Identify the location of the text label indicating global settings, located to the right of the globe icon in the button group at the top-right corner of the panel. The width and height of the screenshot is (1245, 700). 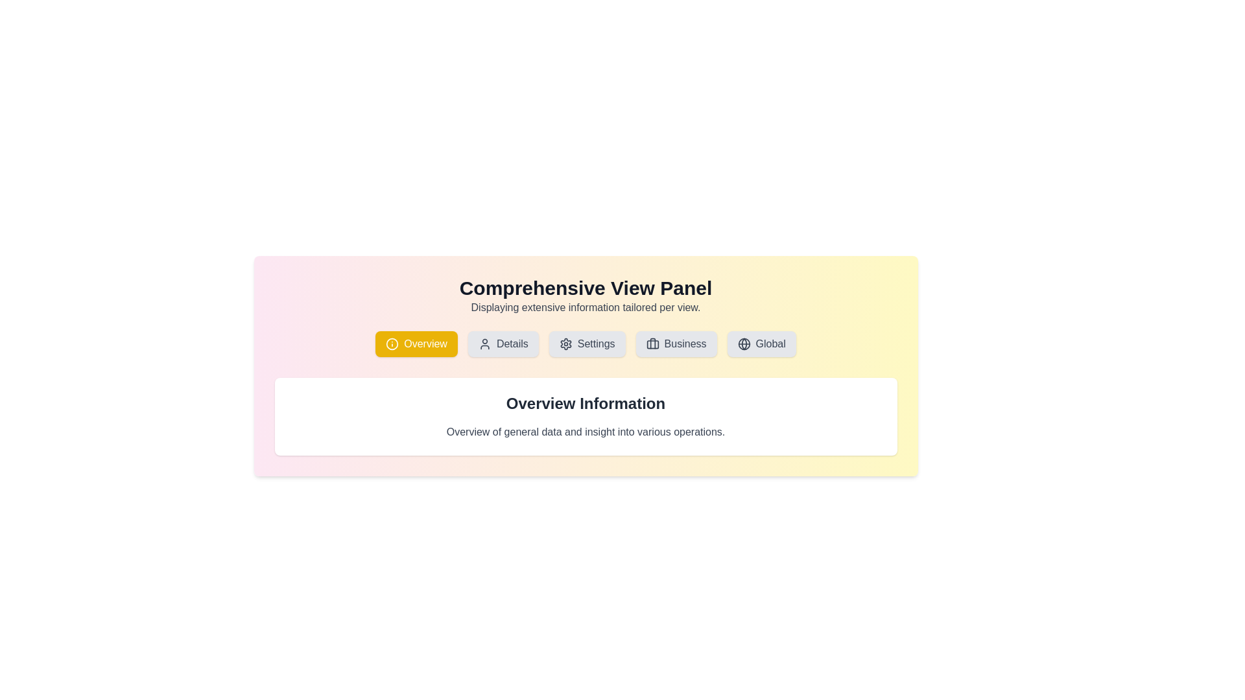
(770, 344).